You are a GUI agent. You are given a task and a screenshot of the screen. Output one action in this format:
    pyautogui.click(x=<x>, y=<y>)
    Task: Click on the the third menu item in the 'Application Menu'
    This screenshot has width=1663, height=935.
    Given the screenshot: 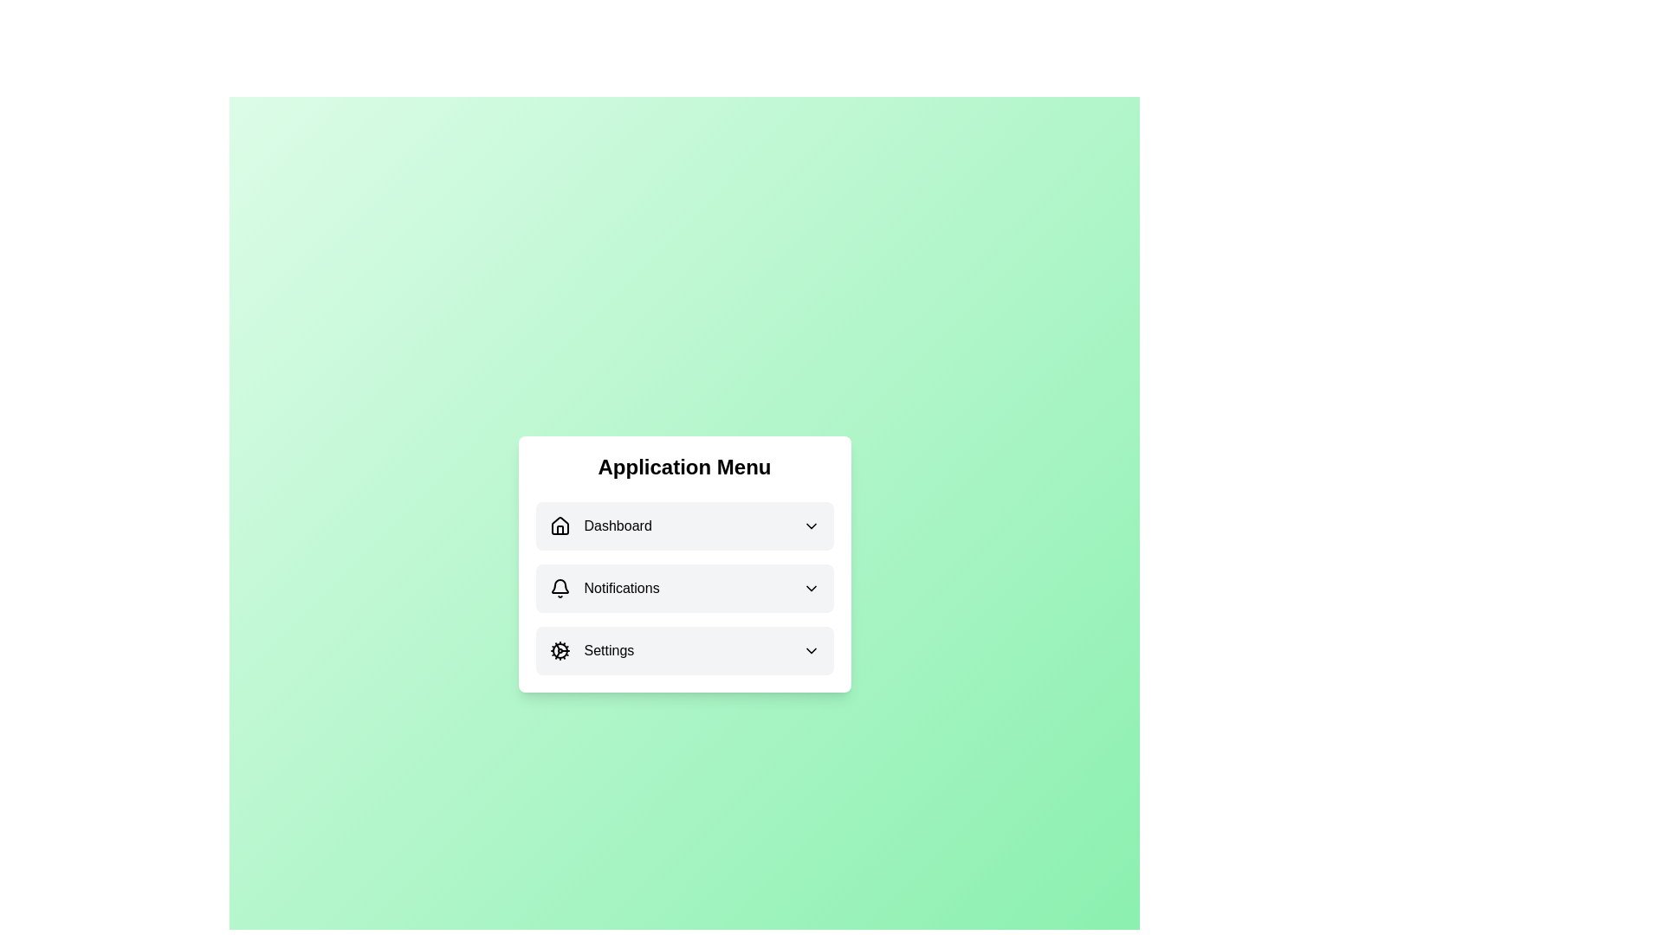 What is the action you would take?
    pyautogui.click(x=592, y=651)
    